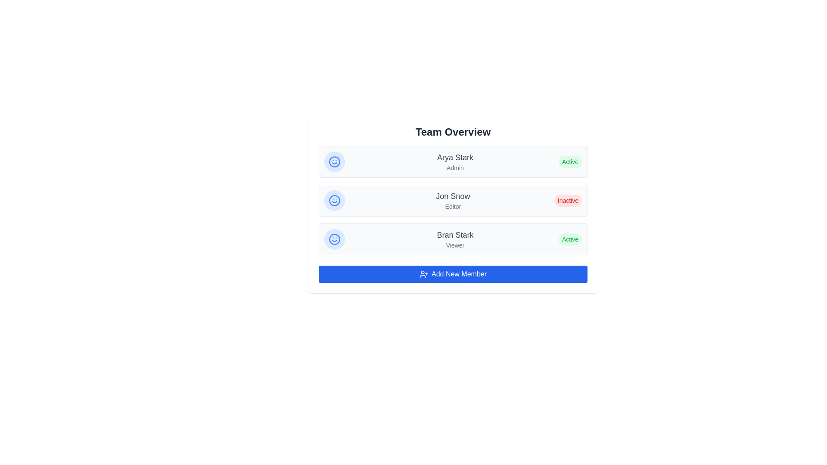  What do you see at coordinates (454, 245) in the screenshot?
I see `the non-interactive text label indicating the user's role or status, which displays 'Viewer' and is located below 'Bran Stark' and to the left of the 'Active' status indicator` at bounding box center [454, 245].